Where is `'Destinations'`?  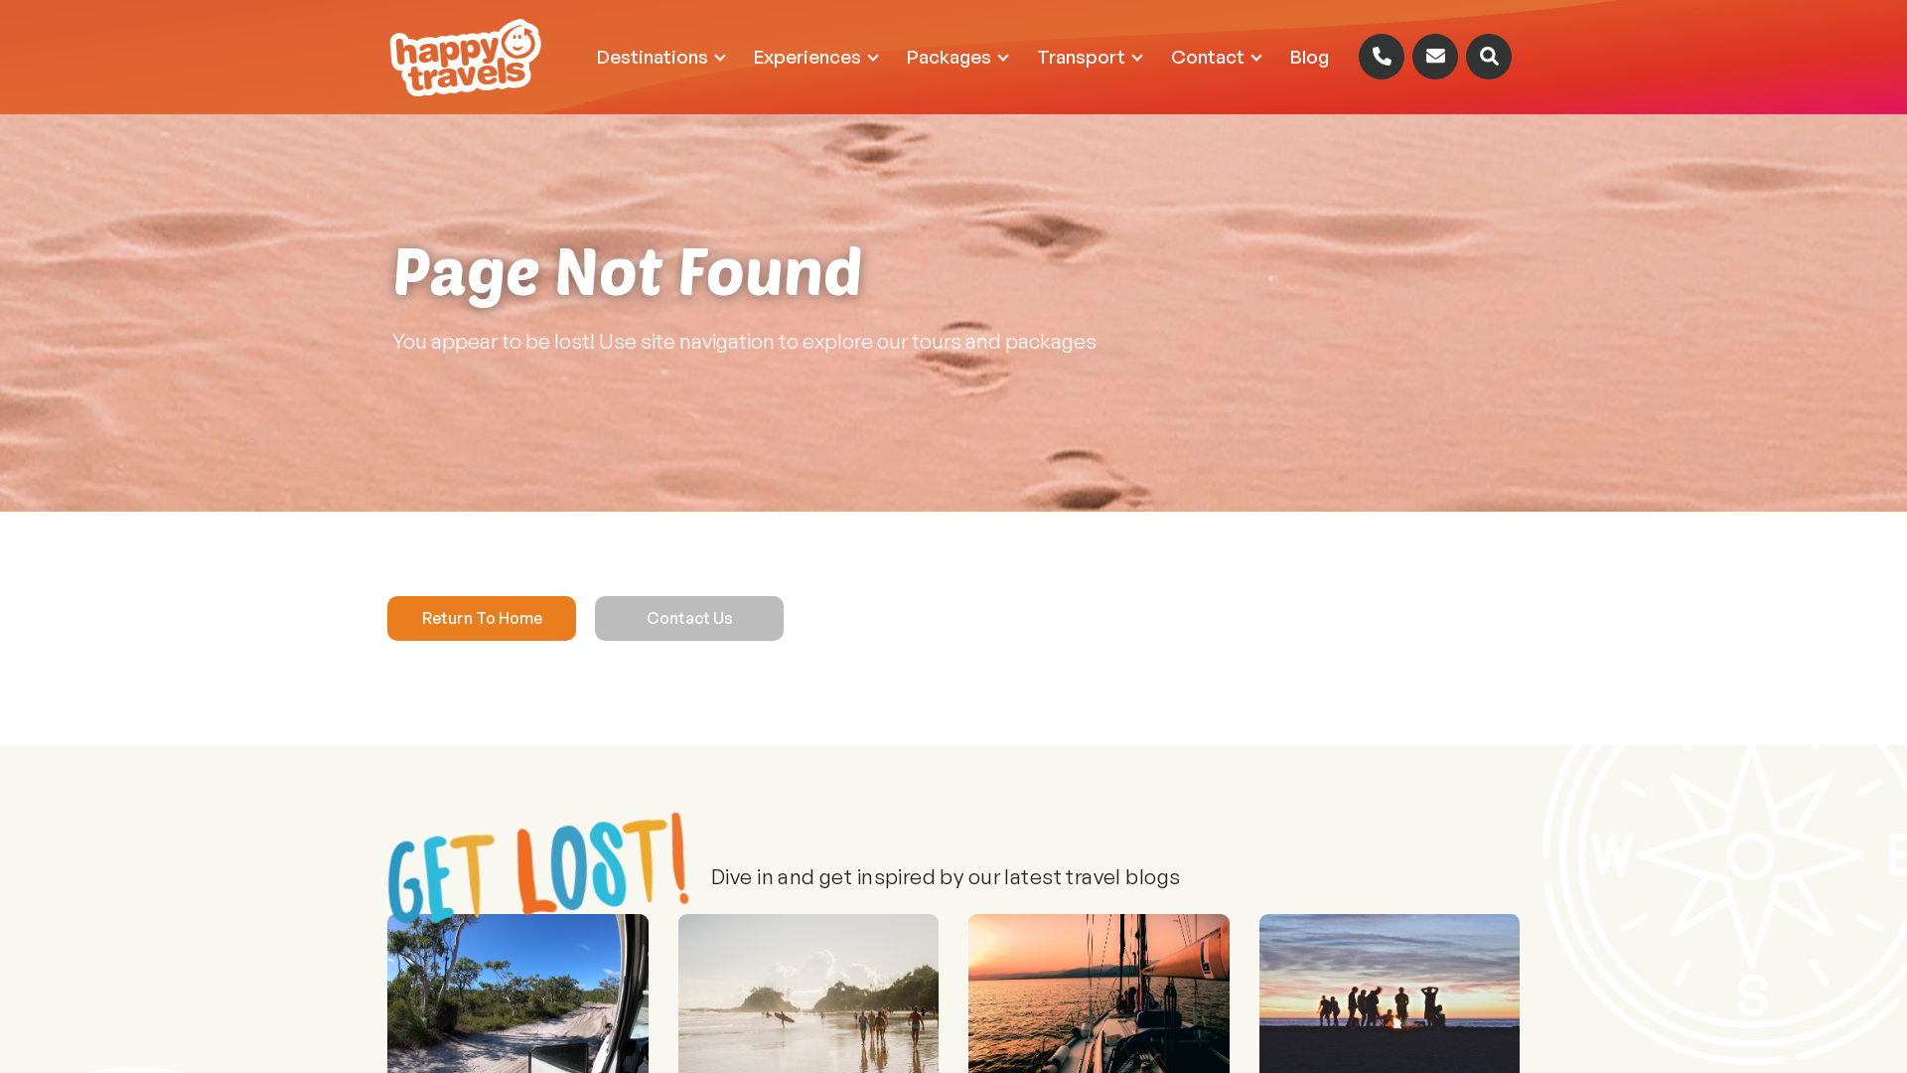
'Destinations' is located at coordinates (660, 56).